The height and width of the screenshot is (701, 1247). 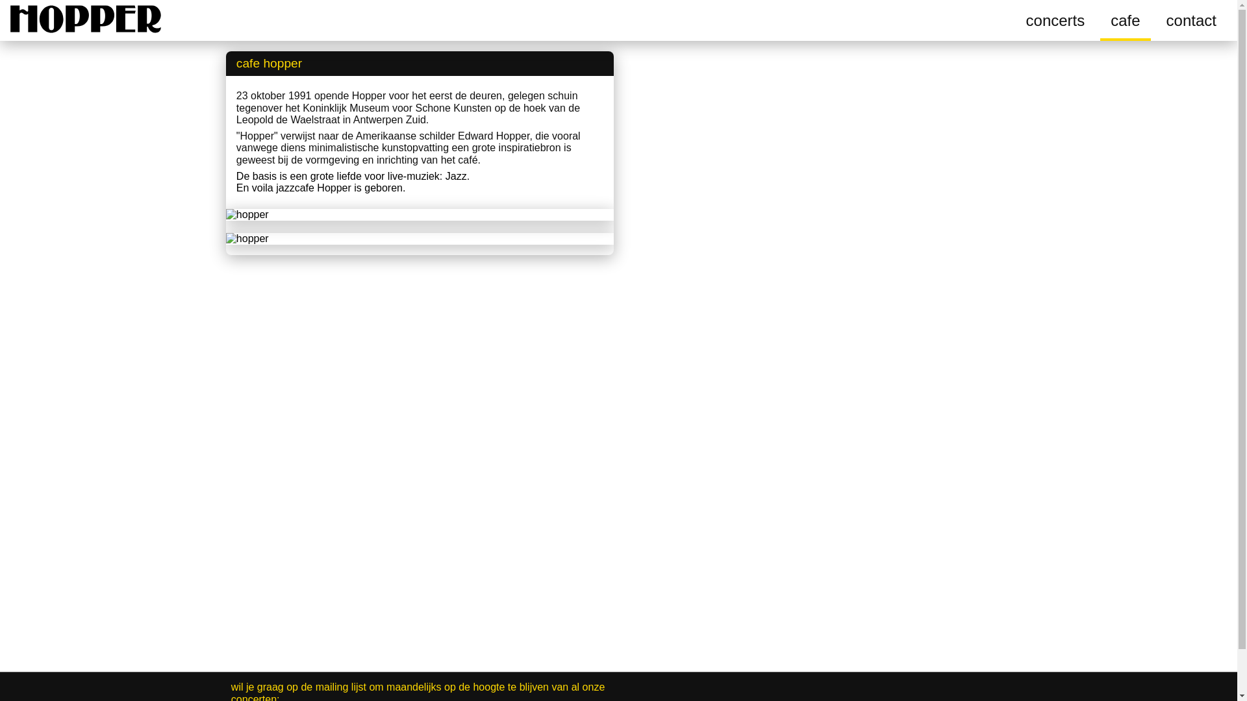 What do you see at coordinates (1124, 20) in the screenshot?
I see `'cafe'` at bounding box center [1124, 20].